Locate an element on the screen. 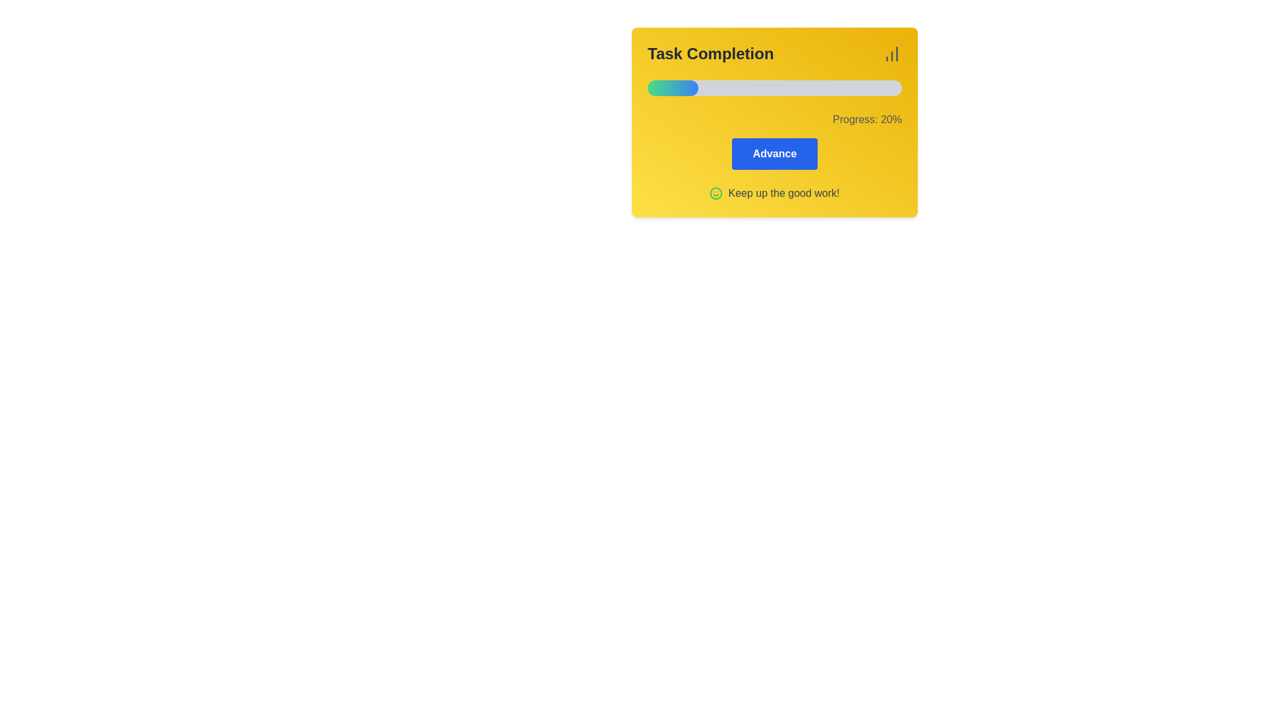 The height and width of the screenshot is (711, 1265). the SVG circle element that is part of the smiling face icon with a green outline and yellow background, located within the 'Keep up the good work!' section of the yellow Task Completion card is located at coordinates (716, 193).